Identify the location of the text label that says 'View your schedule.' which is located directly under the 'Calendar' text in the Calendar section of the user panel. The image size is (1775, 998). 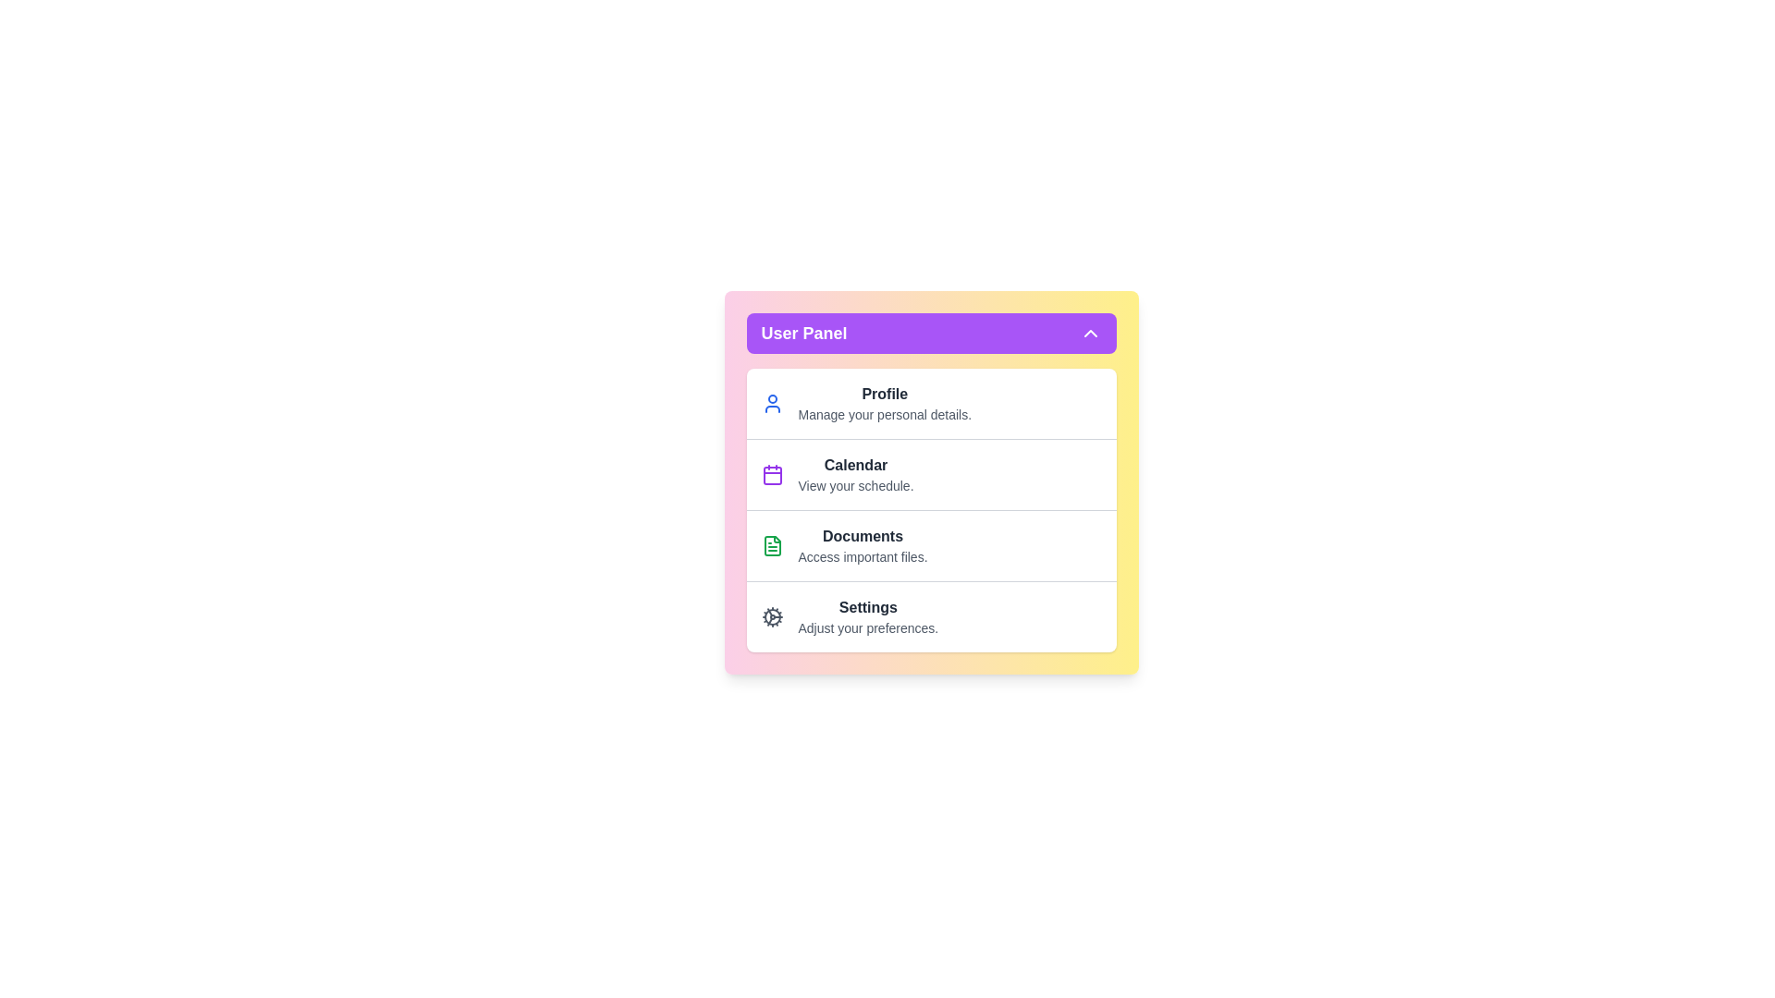
(855, 484).